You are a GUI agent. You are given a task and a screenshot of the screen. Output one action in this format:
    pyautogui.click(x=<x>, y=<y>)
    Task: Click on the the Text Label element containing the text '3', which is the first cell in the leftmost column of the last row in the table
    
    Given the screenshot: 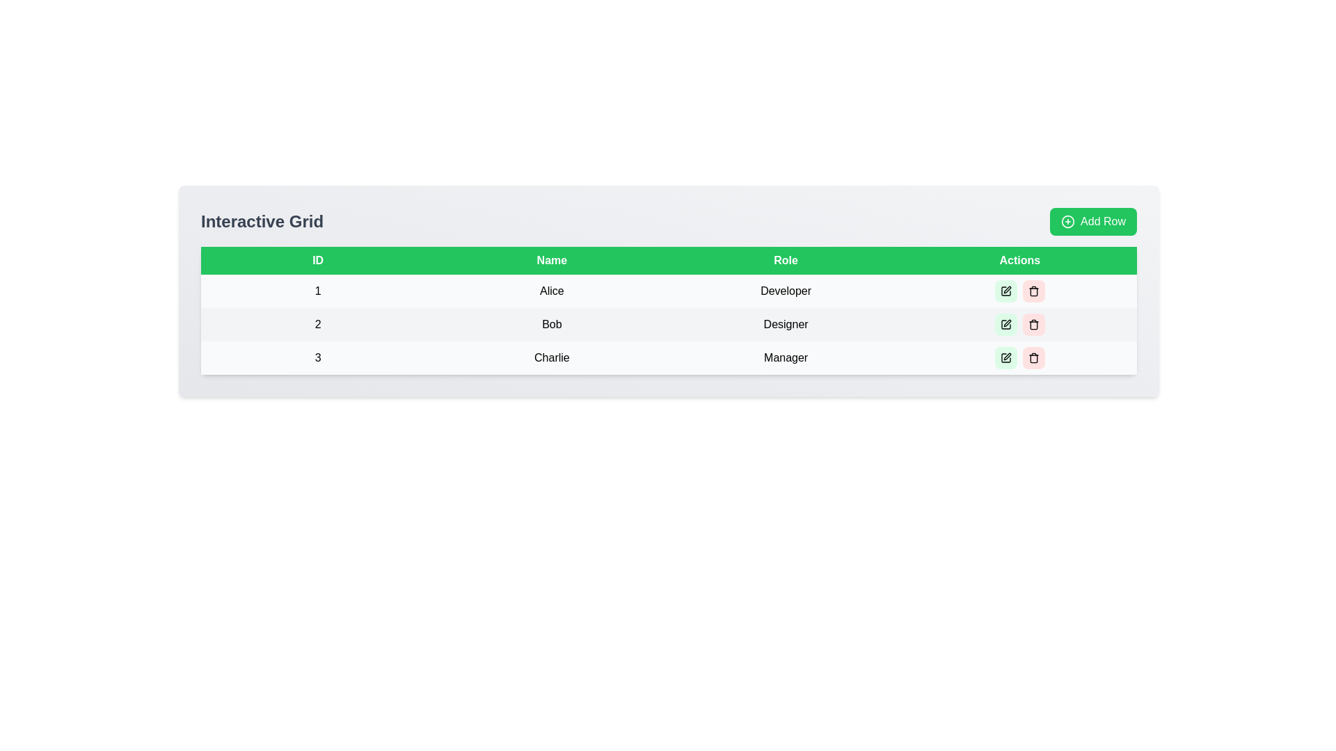 What is the action you would take?
    pyautogui.click(x=317, y=357)
    